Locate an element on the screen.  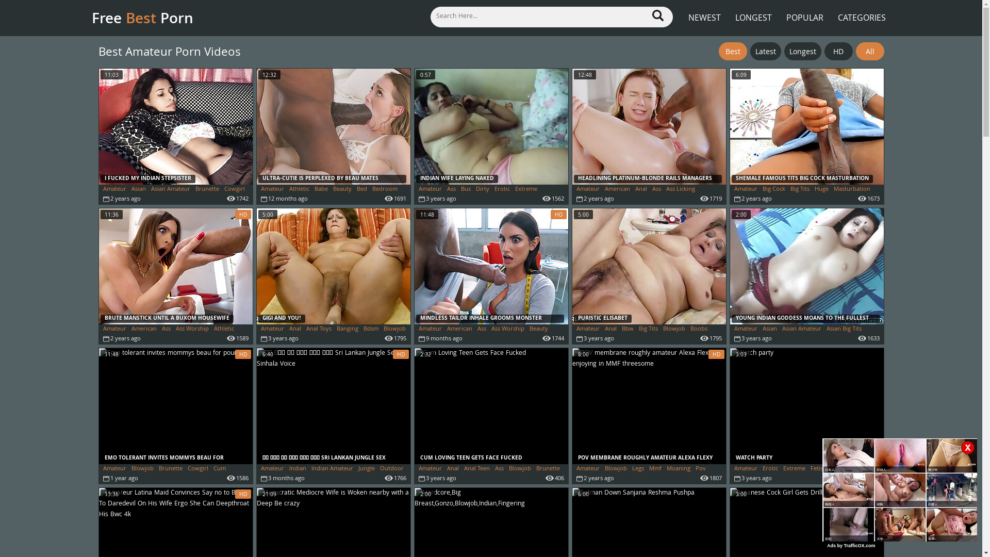
'ULTRA-CUTIE IS PERPLEXED BY BEAU MATES MONSTER EBONY CHISEL' is located at coordinates (334, 126).